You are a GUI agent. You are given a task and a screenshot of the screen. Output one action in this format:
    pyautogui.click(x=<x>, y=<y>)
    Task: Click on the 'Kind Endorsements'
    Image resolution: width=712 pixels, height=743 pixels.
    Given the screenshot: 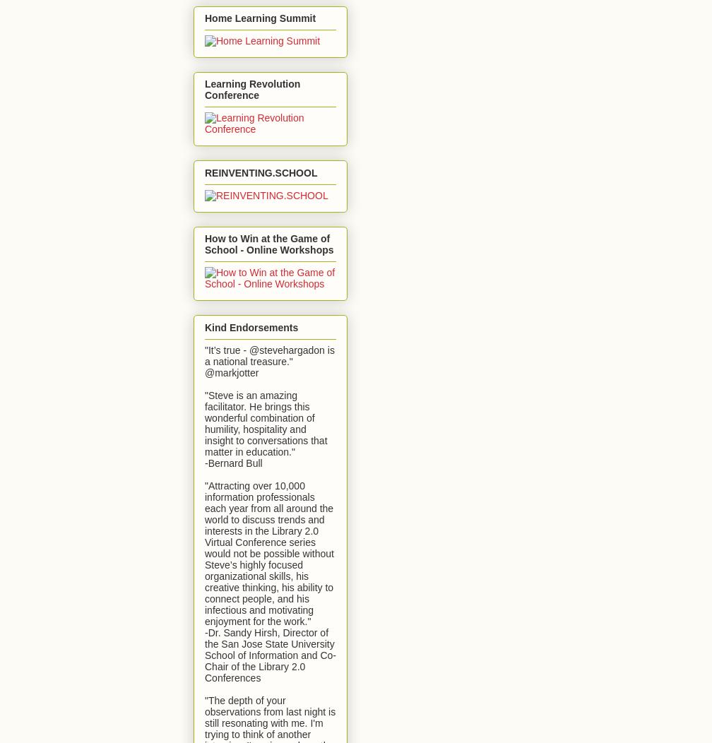 What is the action you would take?
    pyautogui.click(x=251, y=326)
    